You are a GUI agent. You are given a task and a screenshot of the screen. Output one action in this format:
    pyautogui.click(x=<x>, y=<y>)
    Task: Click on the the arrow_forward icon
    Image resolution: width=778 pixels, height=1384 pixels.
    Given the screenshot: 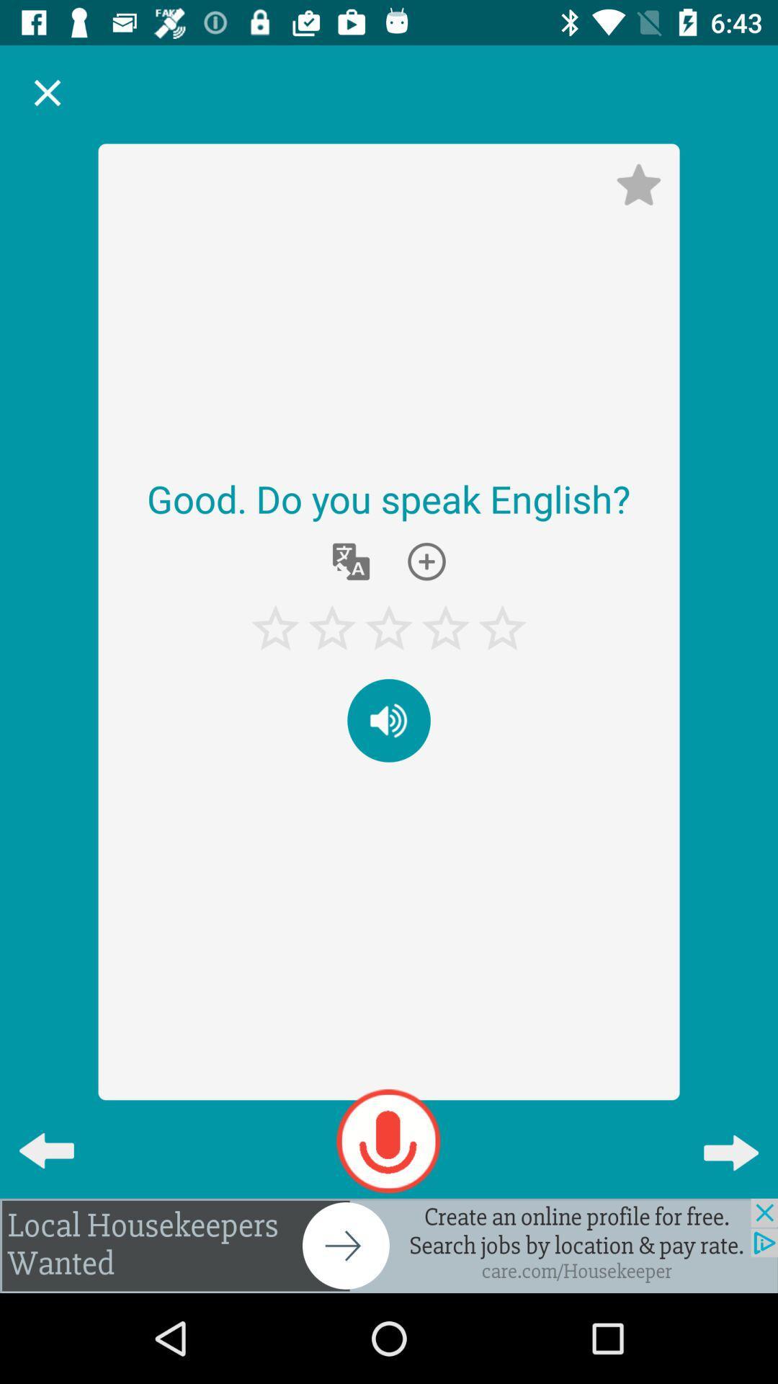 What is the action you would take?
    pyautogui.click(x=719, y=1138)
    